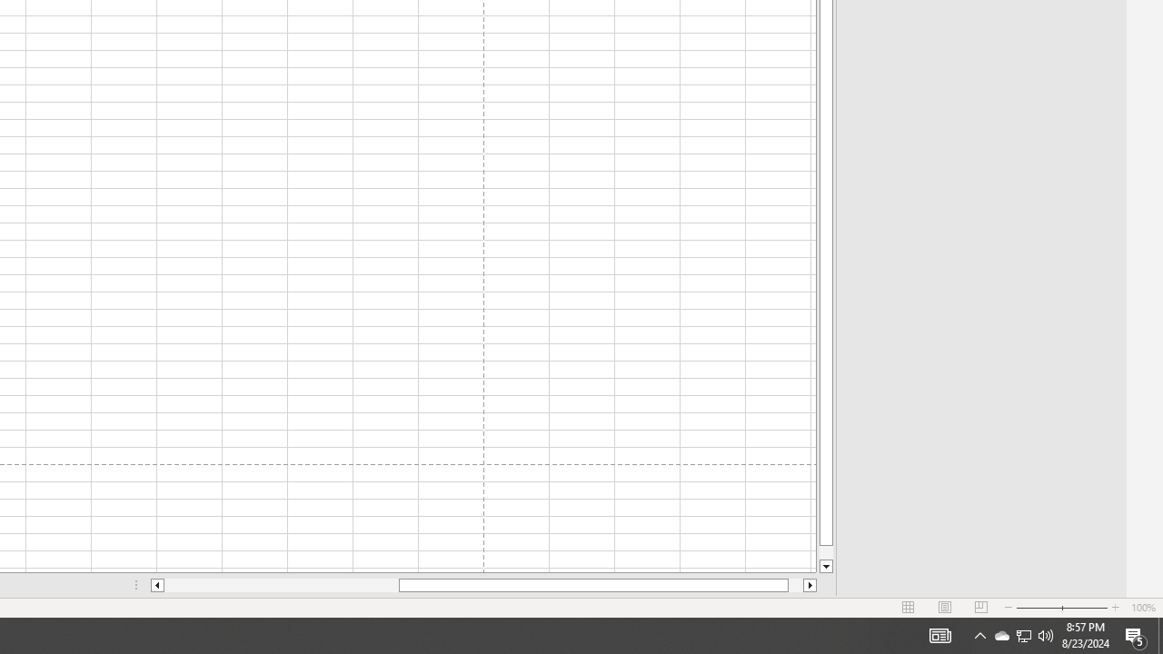  I want to click on 'Page left', so click(280, 585).